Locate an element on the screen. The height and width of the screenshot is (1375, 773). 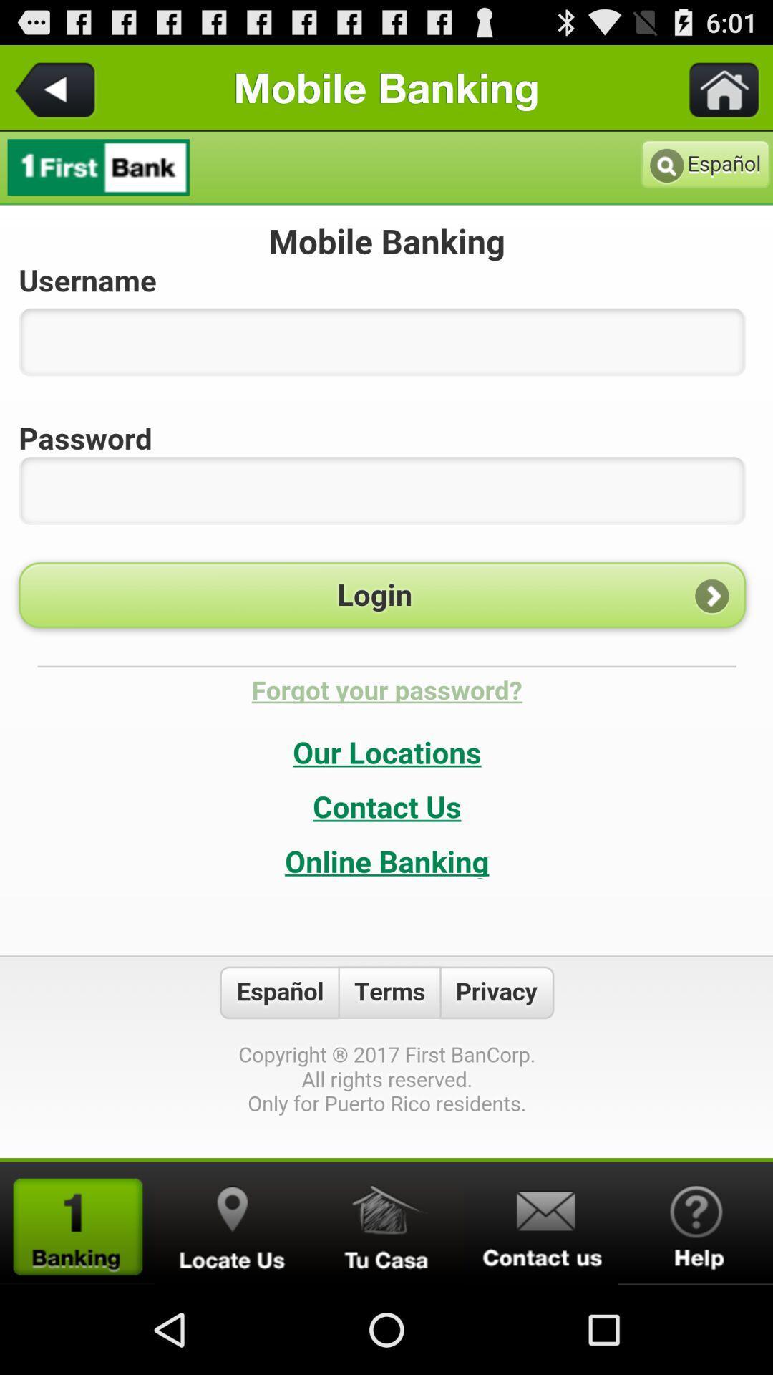
send email is located at coordinates (541, 1222).